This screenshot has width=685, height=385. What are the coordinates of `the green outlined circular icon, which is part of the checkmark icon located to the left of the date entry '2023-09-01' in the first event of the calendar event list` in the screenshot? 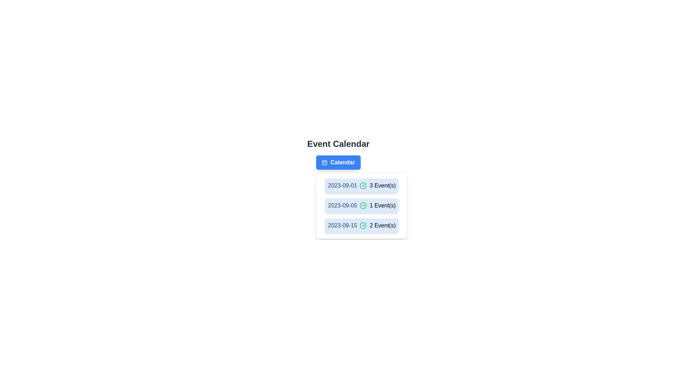 It's located at (363, 185).